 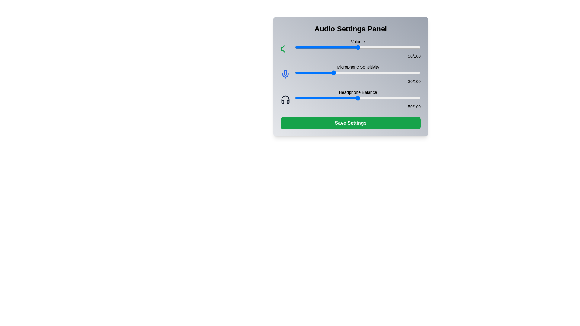 I want to click on headphone balance, so click(x=343, y=97).